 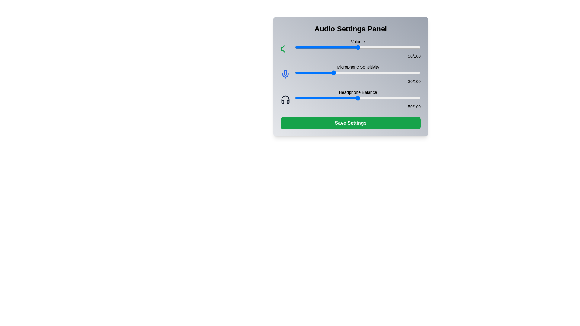 I want to click on headphone balance, so click(x=343, y=97).